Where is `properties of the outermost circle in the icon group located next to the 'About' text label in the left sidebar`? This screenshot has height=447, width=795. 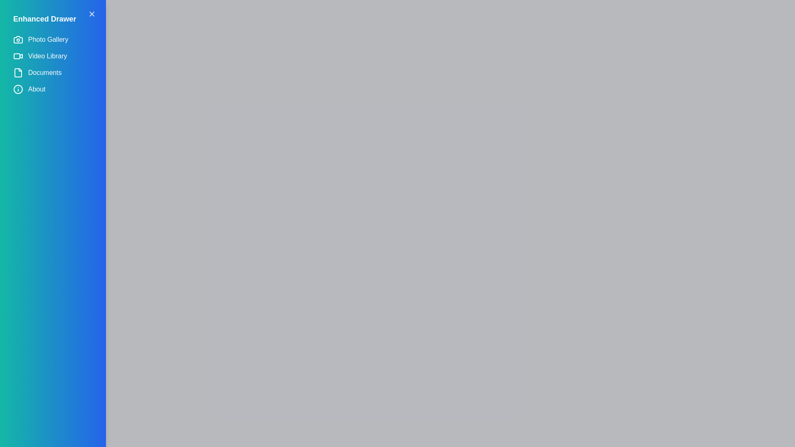 properties of the outermost circle in the icon group located next to the 'About' text label in the left sidebar is located at coordinates (18, 89).